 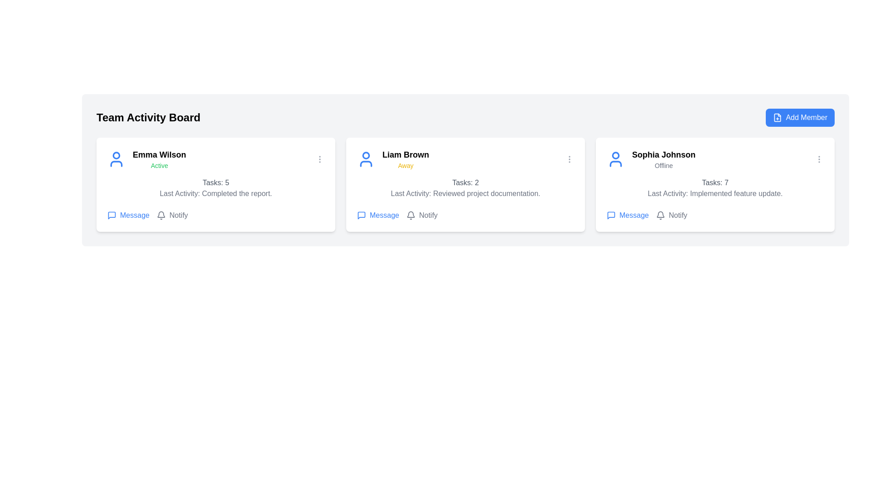 What do you see at coordinates (159, 166) in the screenshot?
I see `the 'Active' text label in green font located below 'Emma Wilson' in the leftmost card of the Team Activity Board` at bounding box center [159, 166].